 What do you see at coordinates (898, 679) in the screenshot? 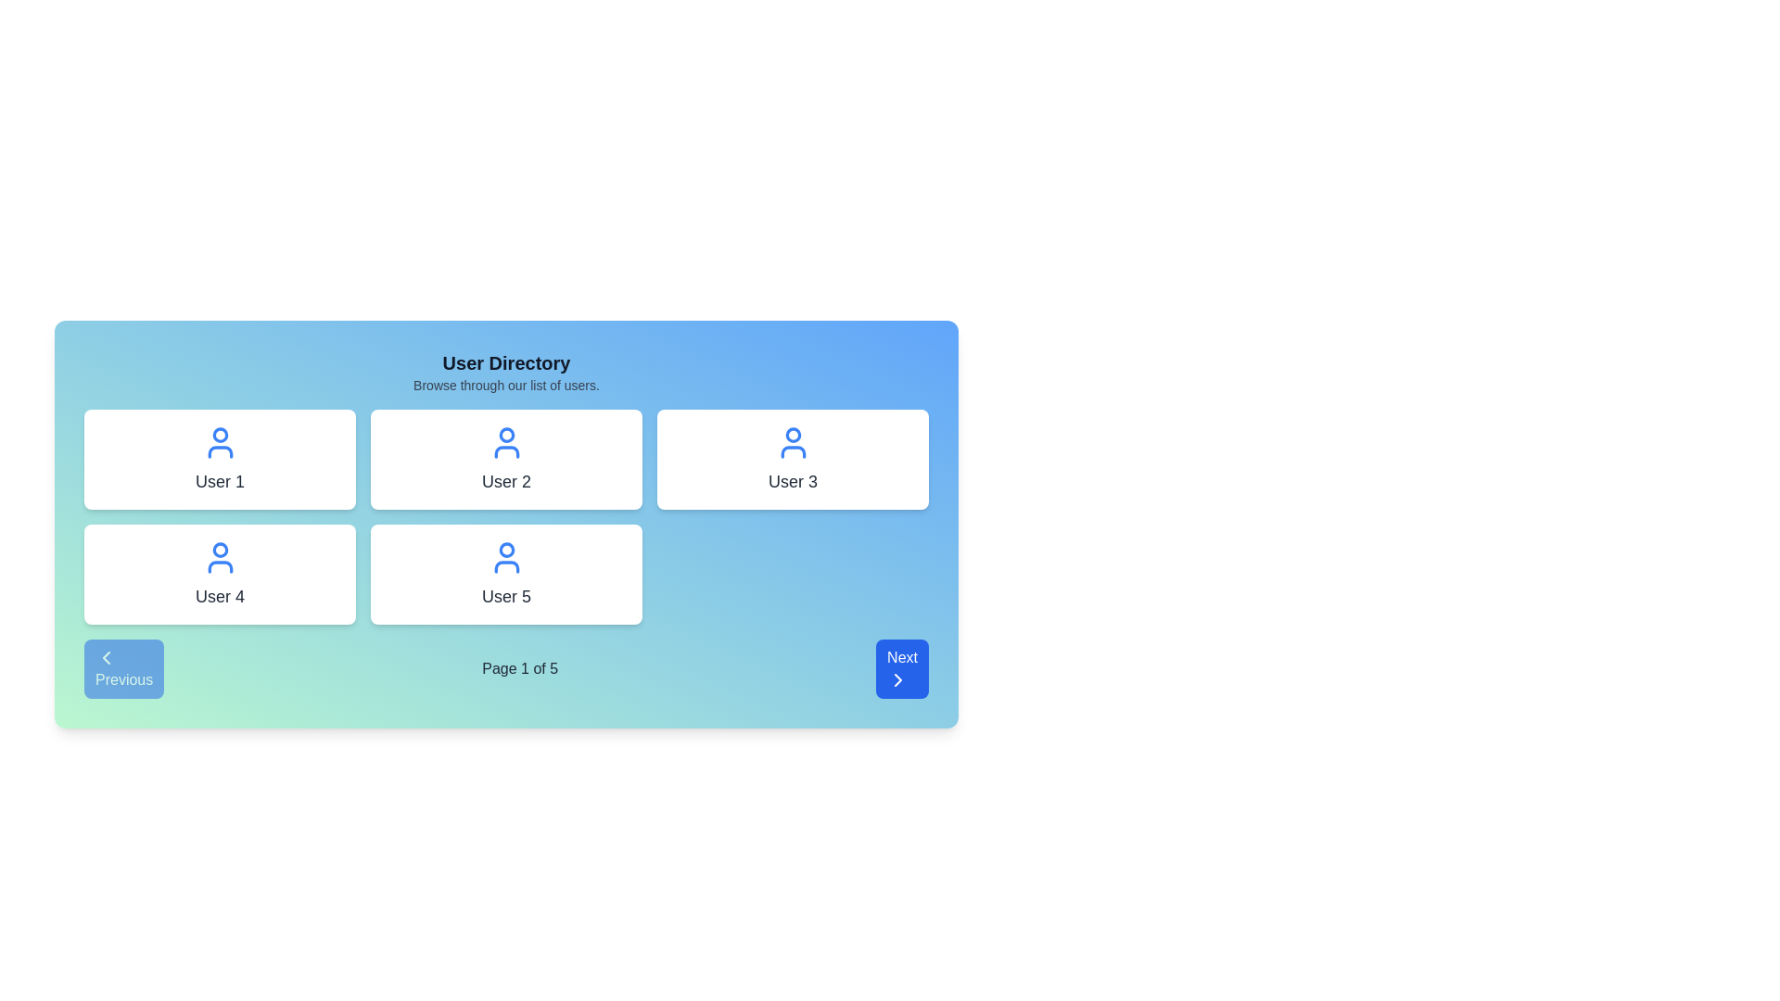
I see `the chevron icon within the 'Next' button located at the bottom-right corner of the interface` at bounding box center [898, 679].